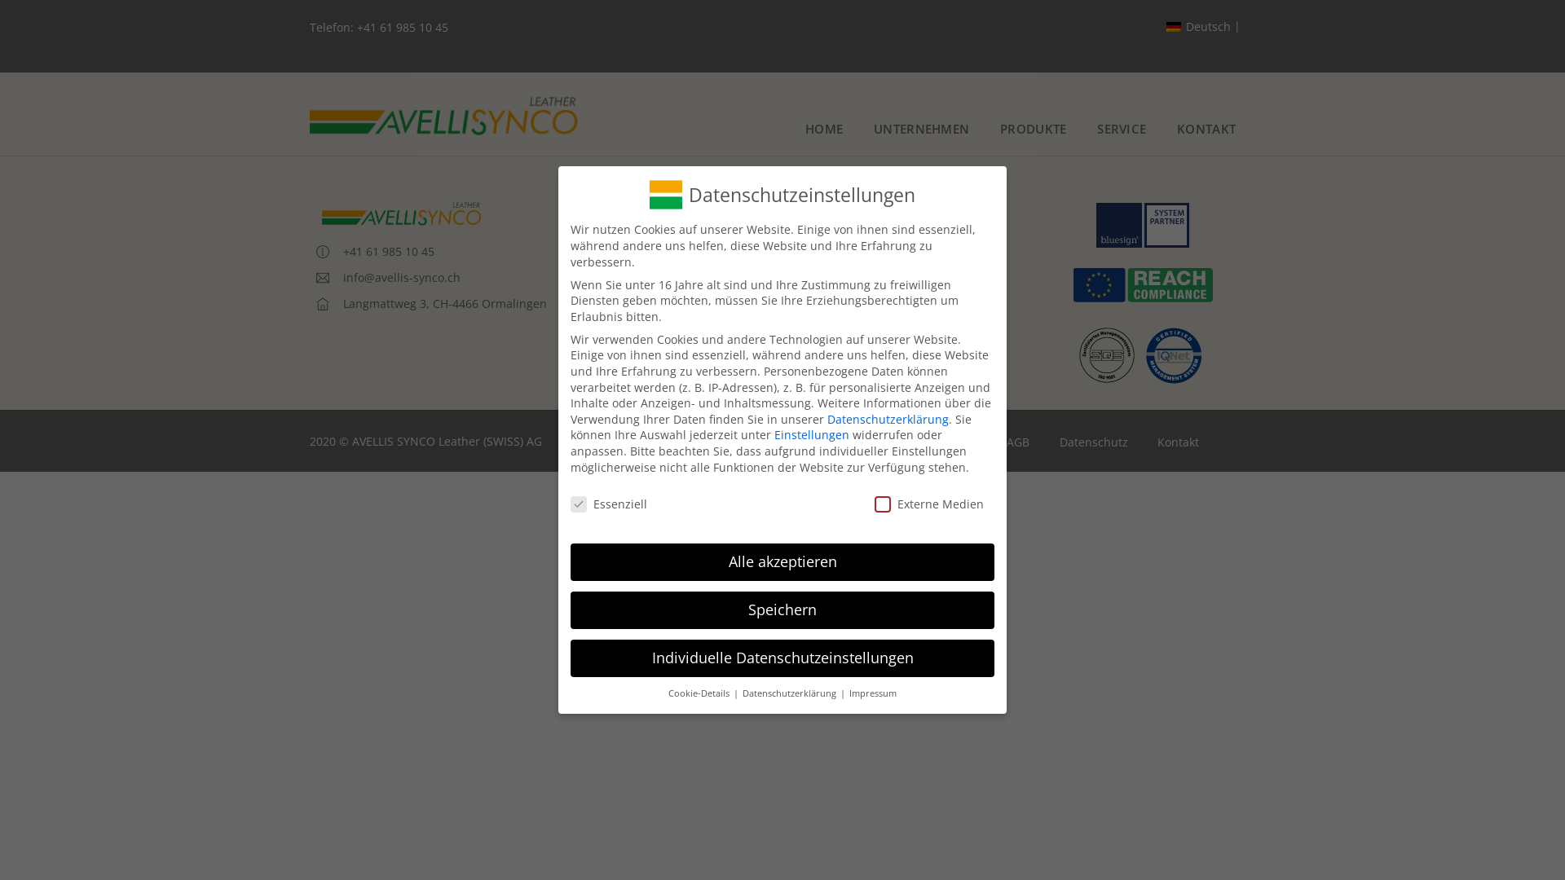 The height and width of the screenshot is (880, 1565). Describe the element at coordinates (778, 291) in the screenshot. I see `'Ihr Weg zu Avellis-Synco Leather Swiss'` at that location.